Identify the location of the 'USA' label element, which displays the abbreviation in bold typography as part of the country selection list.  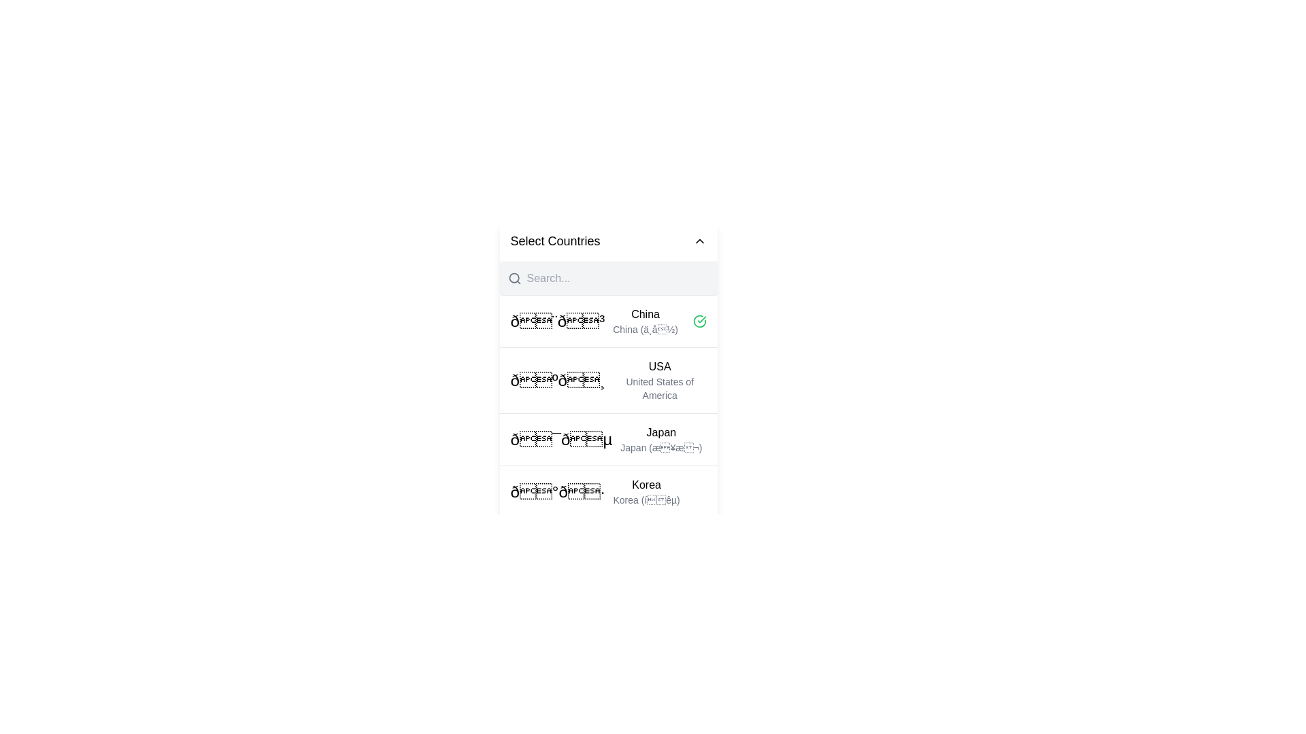
(660, 367).